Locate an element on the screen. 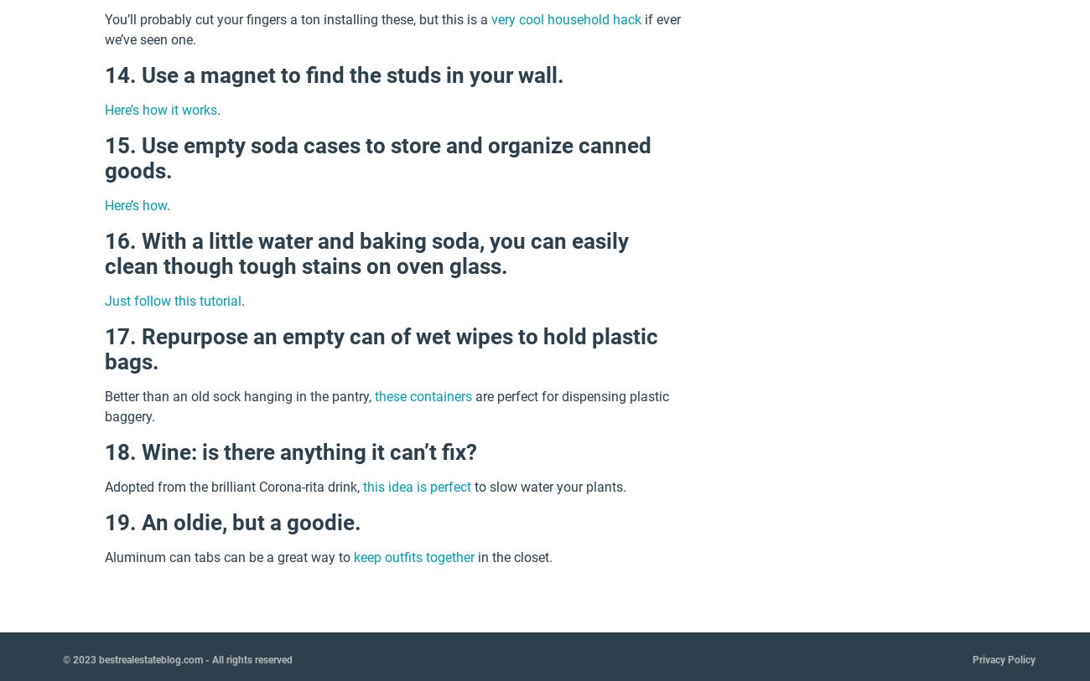 The height and width of the screenshot is (681, 1090). 'very cool household hack' is located at coordinates (490, 18).